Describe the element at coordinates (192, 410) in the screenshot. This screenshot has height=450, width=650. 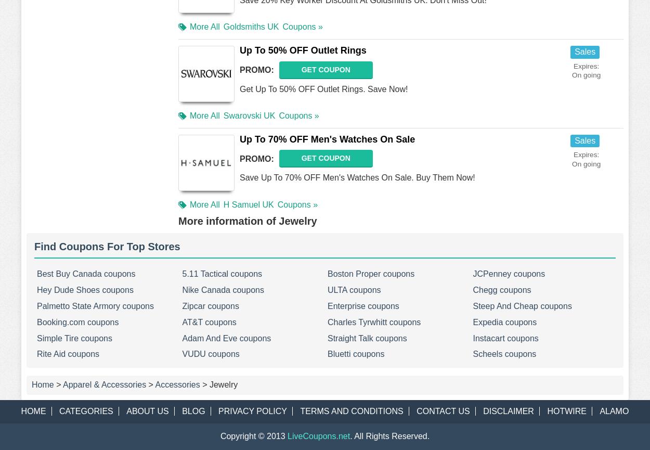
I see `'BLOG'` at that location.